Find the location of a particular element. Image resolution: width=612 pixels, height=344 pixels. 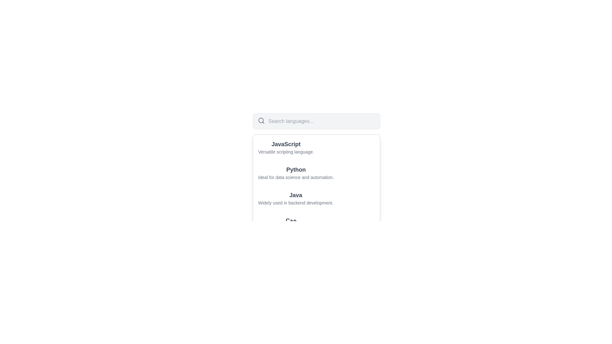

the list item containing 'JavaScript' with the description 'Versatile scripting language.' to change its background color is located at coordinates (317, 147).